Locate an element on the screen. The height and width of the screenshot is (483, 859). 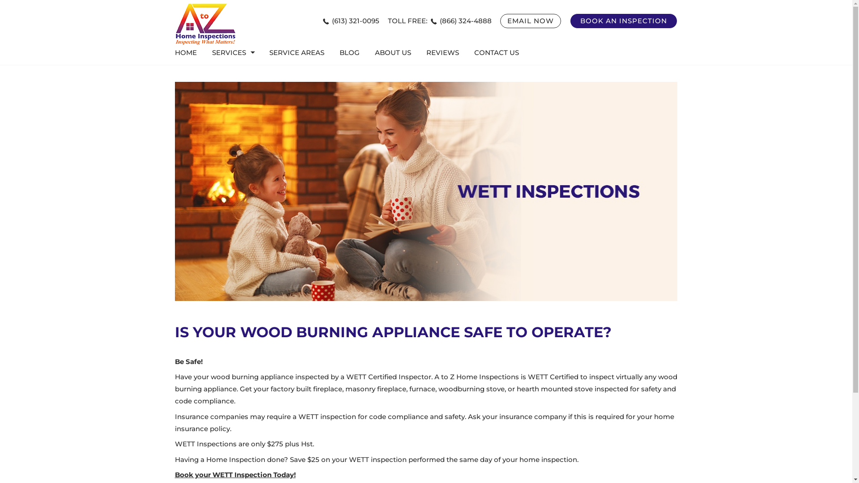
'BOOK AN INSPECTION' is located at coordinates (569, 20).